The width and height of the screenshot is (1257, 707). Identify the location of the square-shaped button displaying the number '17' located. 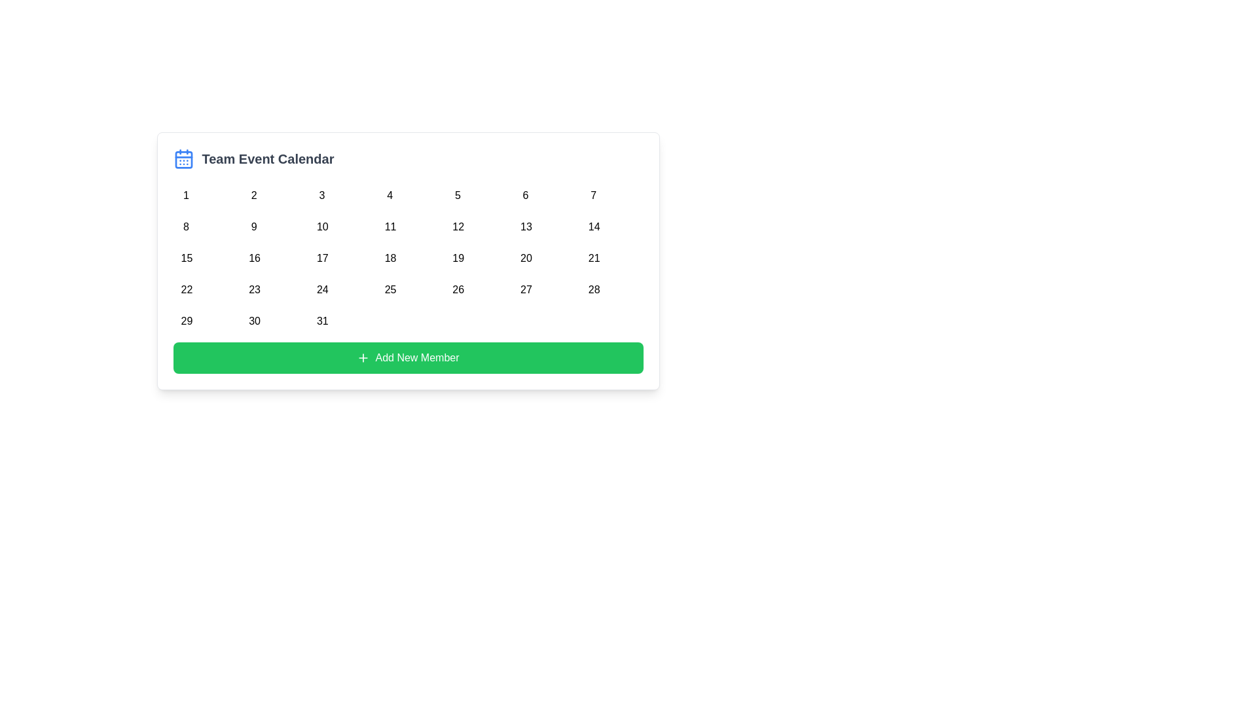
(321, 255).